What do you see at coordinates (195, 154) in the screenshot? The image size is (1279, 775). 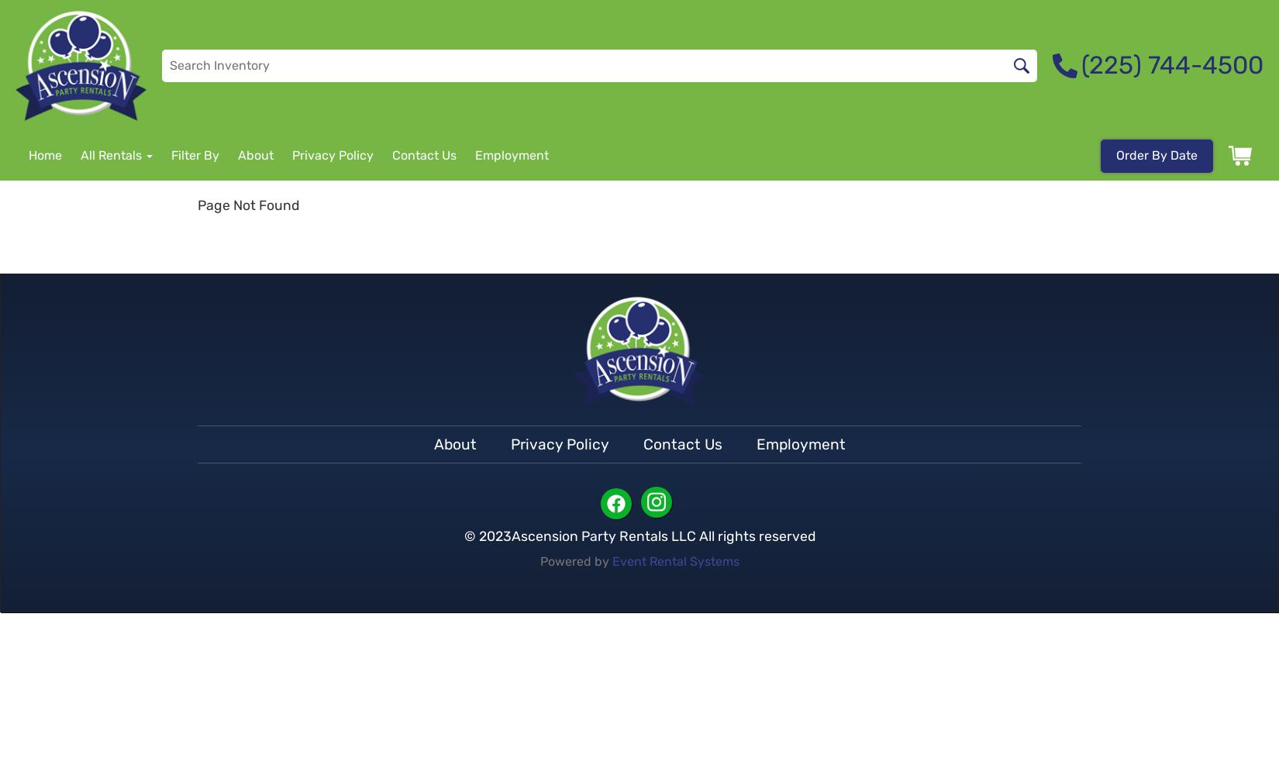 I see `'Filter By'` at bounding box center [195, 154].